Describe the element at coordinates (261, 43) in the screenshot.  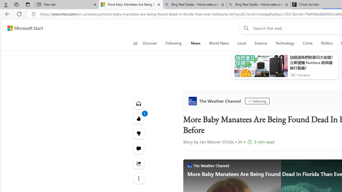
I see `'Science'` at that location.